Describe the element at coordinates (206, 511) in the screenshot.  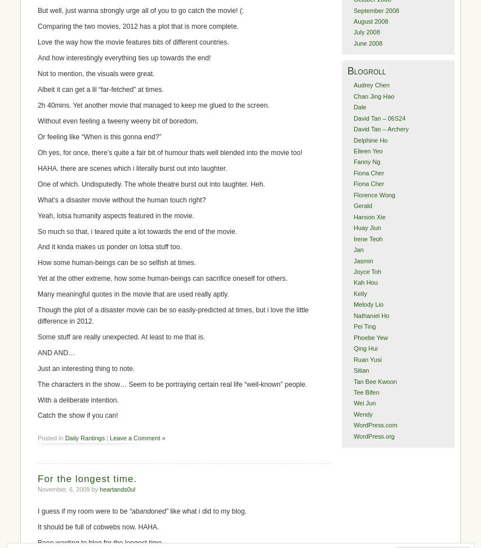
I see `'like what i did to my blog.'` at that location.